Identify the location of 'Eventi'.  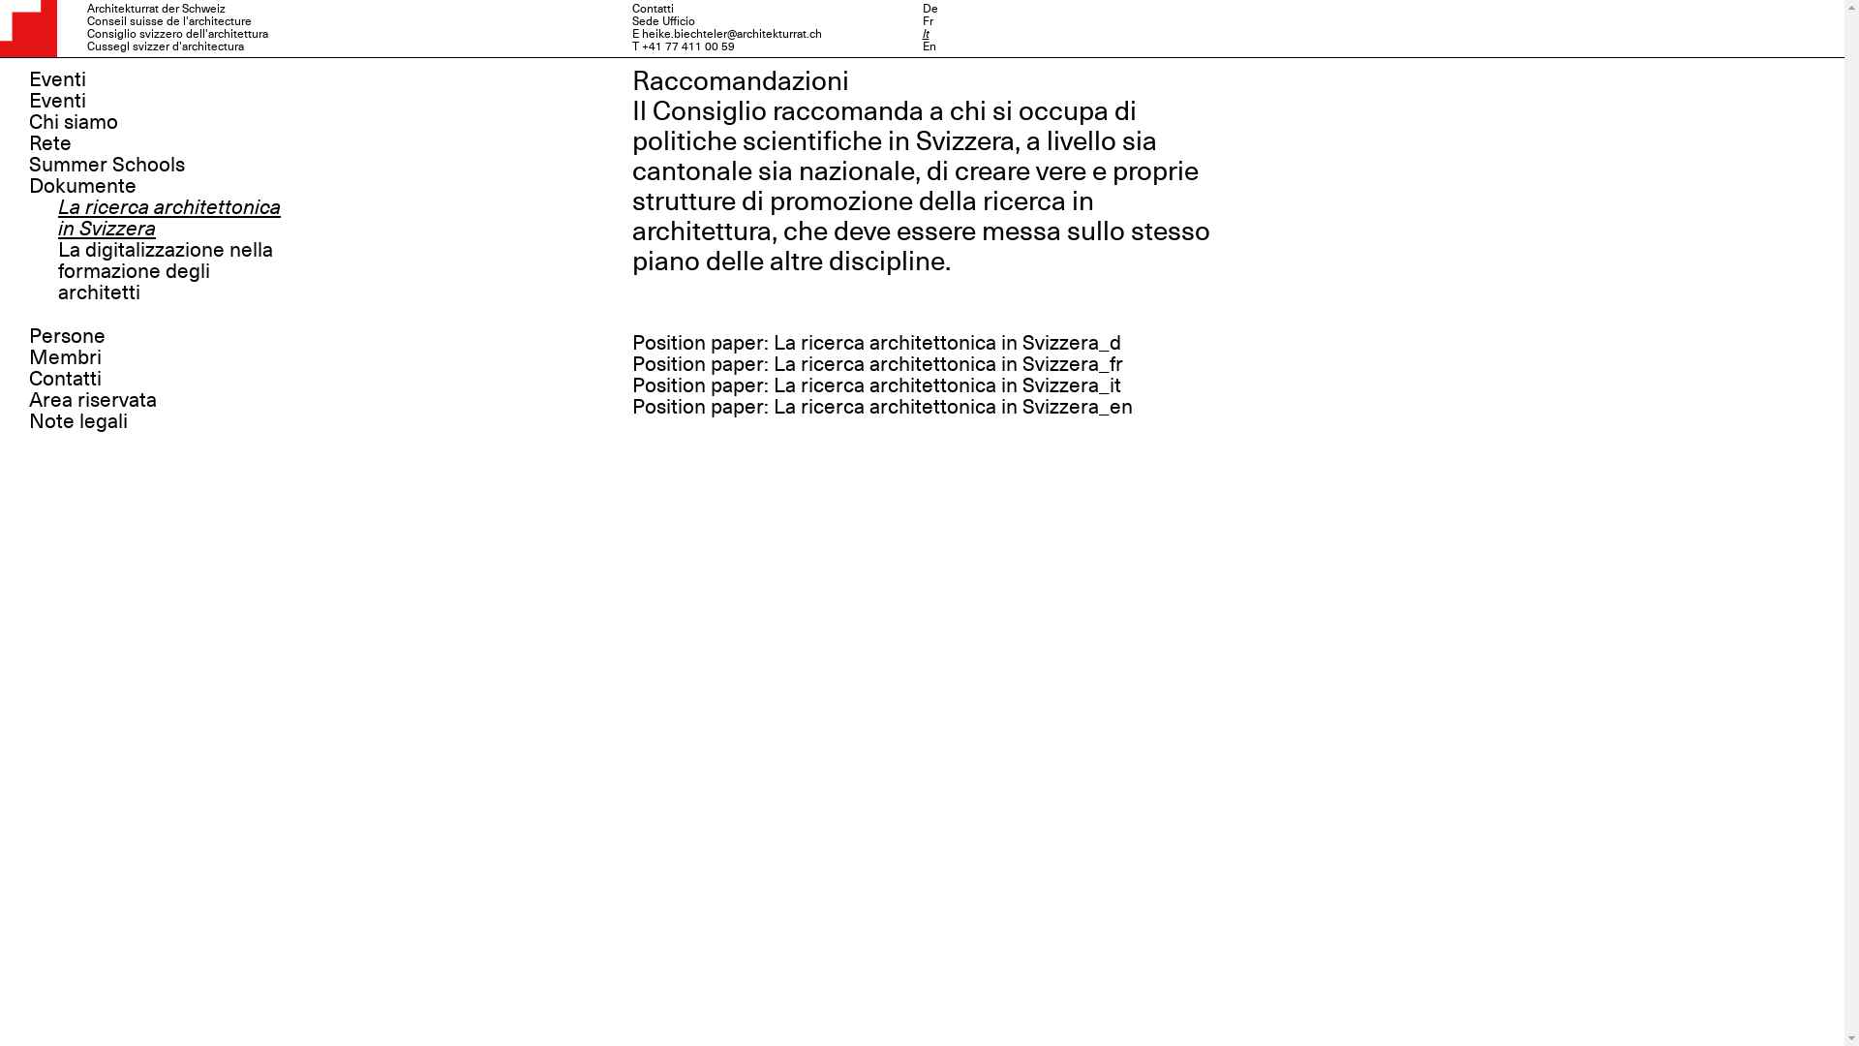
(57, 77).